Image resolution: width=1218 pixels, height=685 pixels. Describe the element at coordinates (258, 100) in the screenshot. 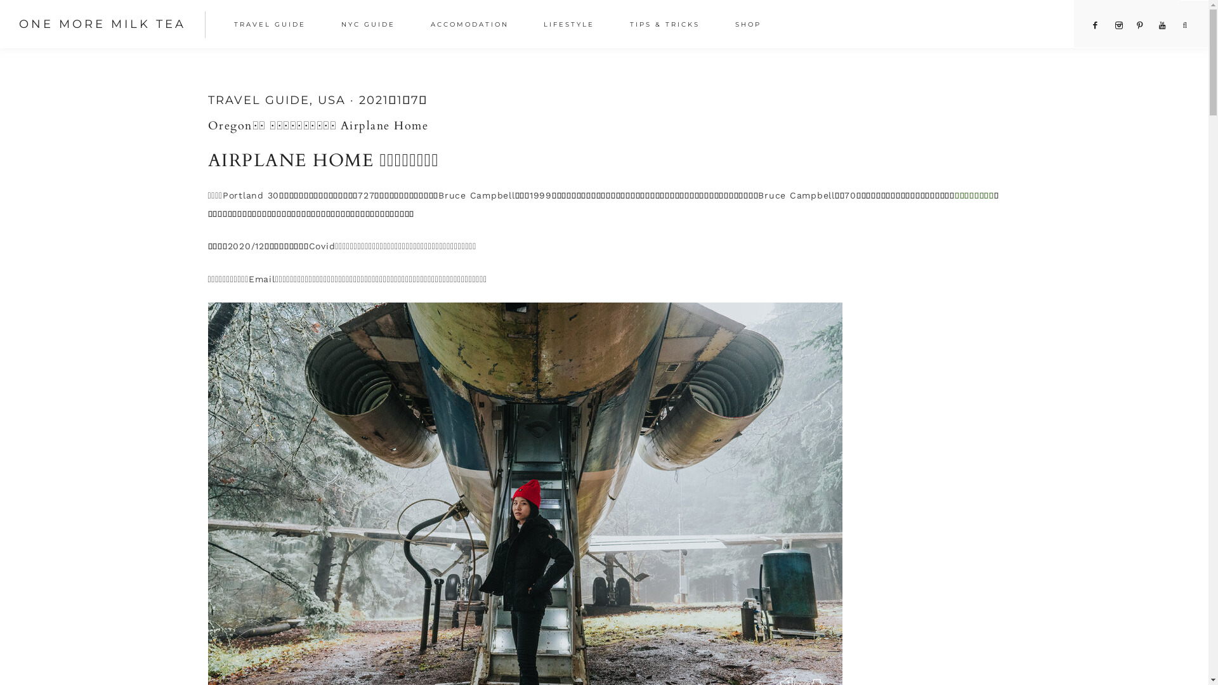

I see `'TRAVEL GUIDE'` at that location.